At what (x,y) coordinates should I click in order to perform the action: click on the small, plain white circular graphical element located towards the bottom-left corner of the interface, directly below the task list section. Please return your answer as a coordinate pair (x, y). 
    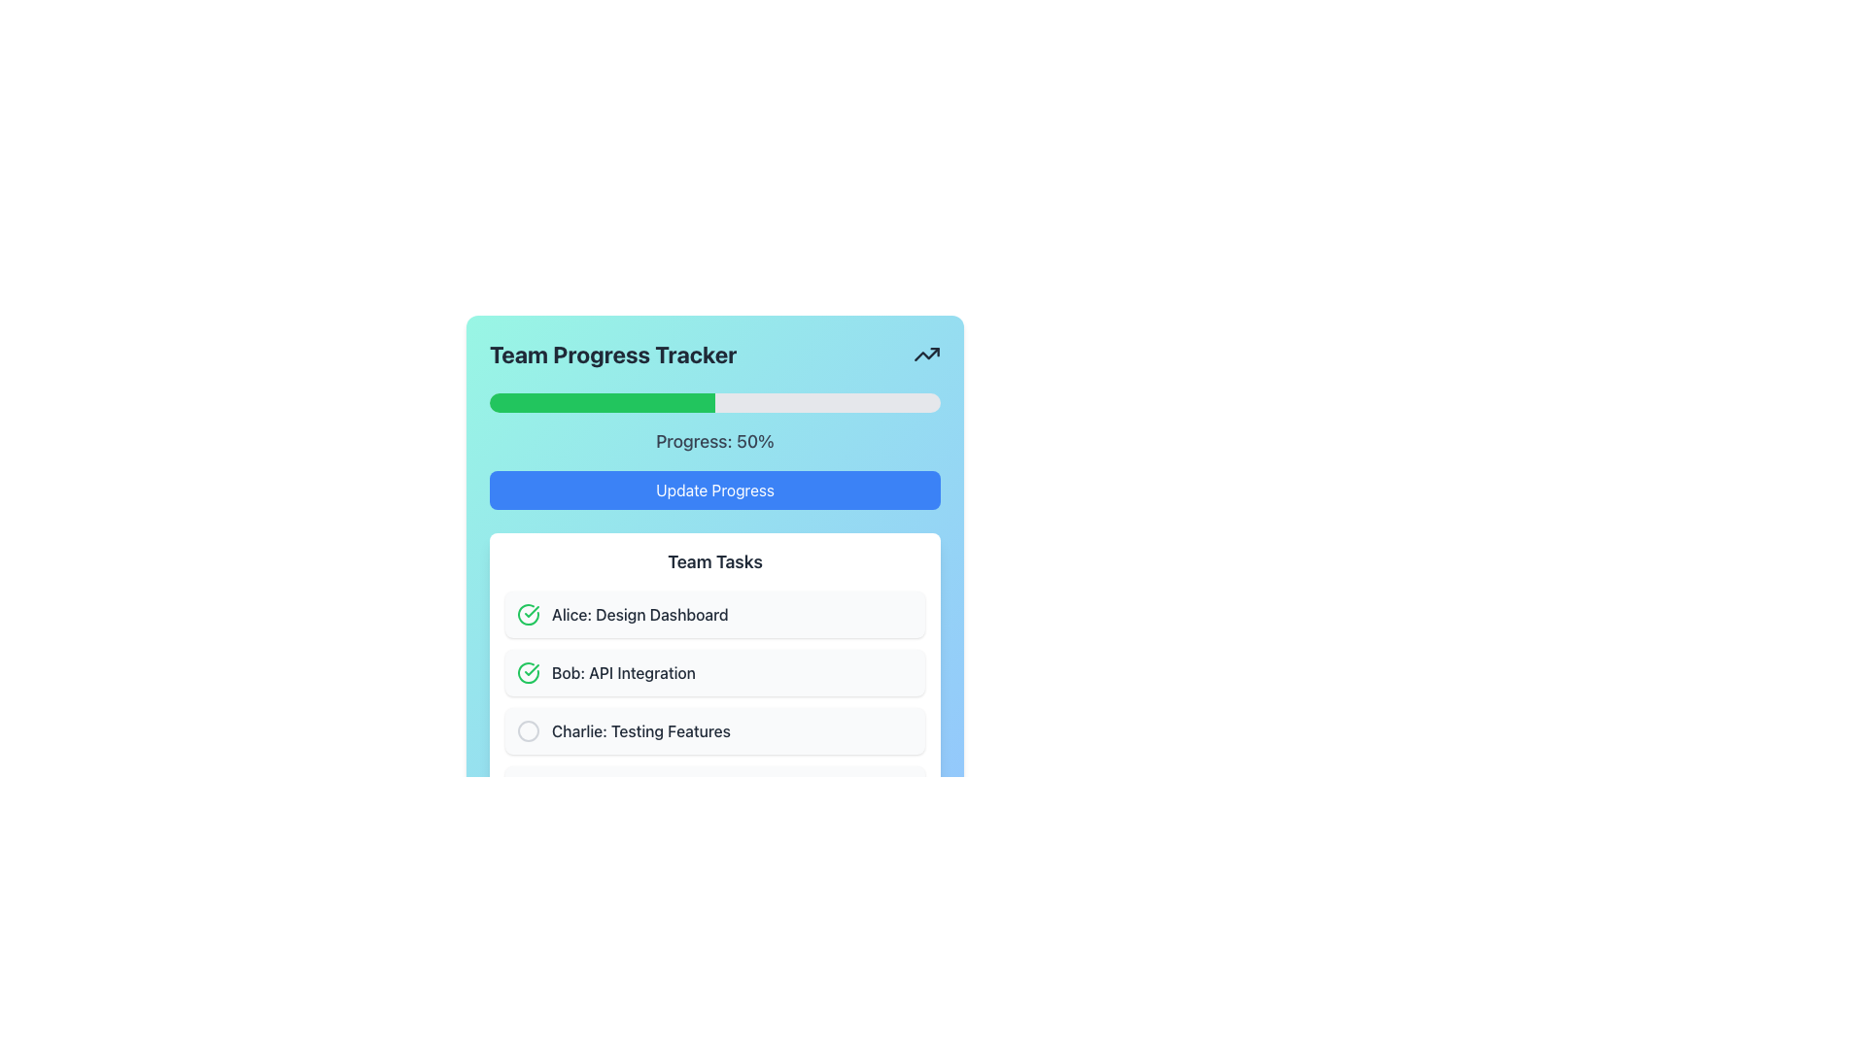
    Looking at the image, I should click on (528, 790).